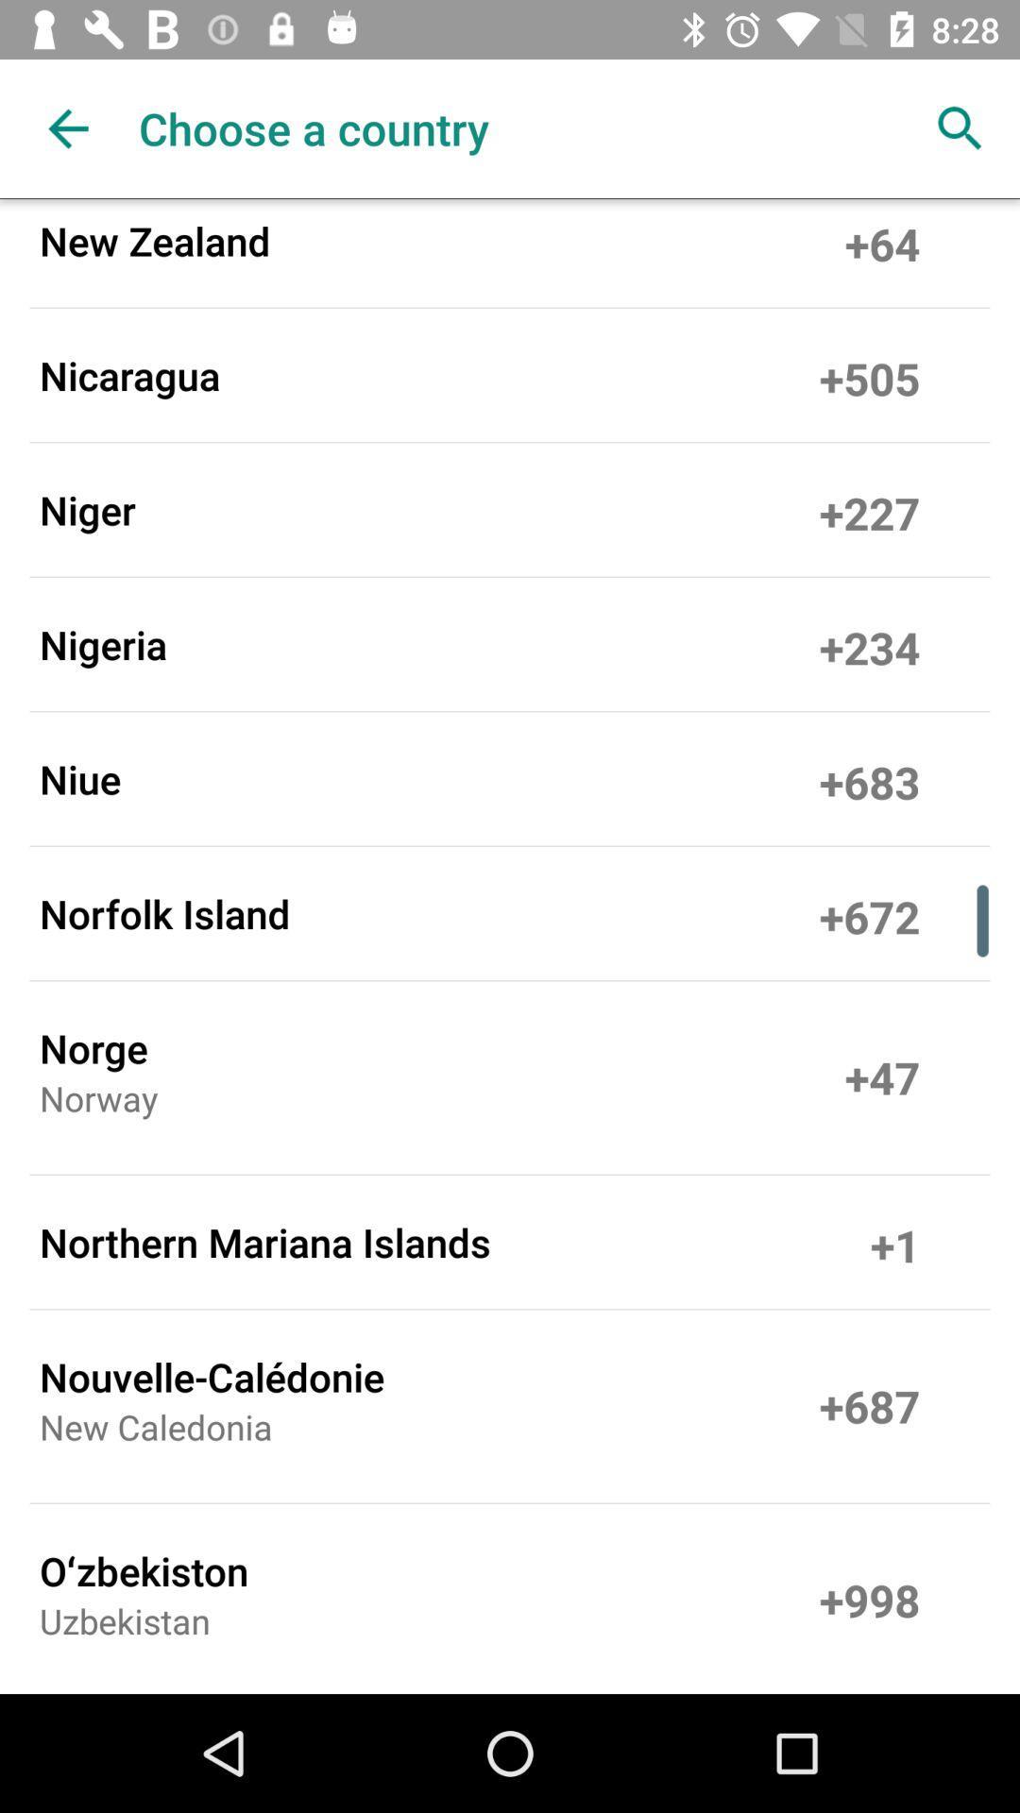 Image resolution: width=1020 pixels, height=1813 pixels. Describe the element at coordinates (870, 375) in the screenshot. I see `item next to nicaragua` at that location.